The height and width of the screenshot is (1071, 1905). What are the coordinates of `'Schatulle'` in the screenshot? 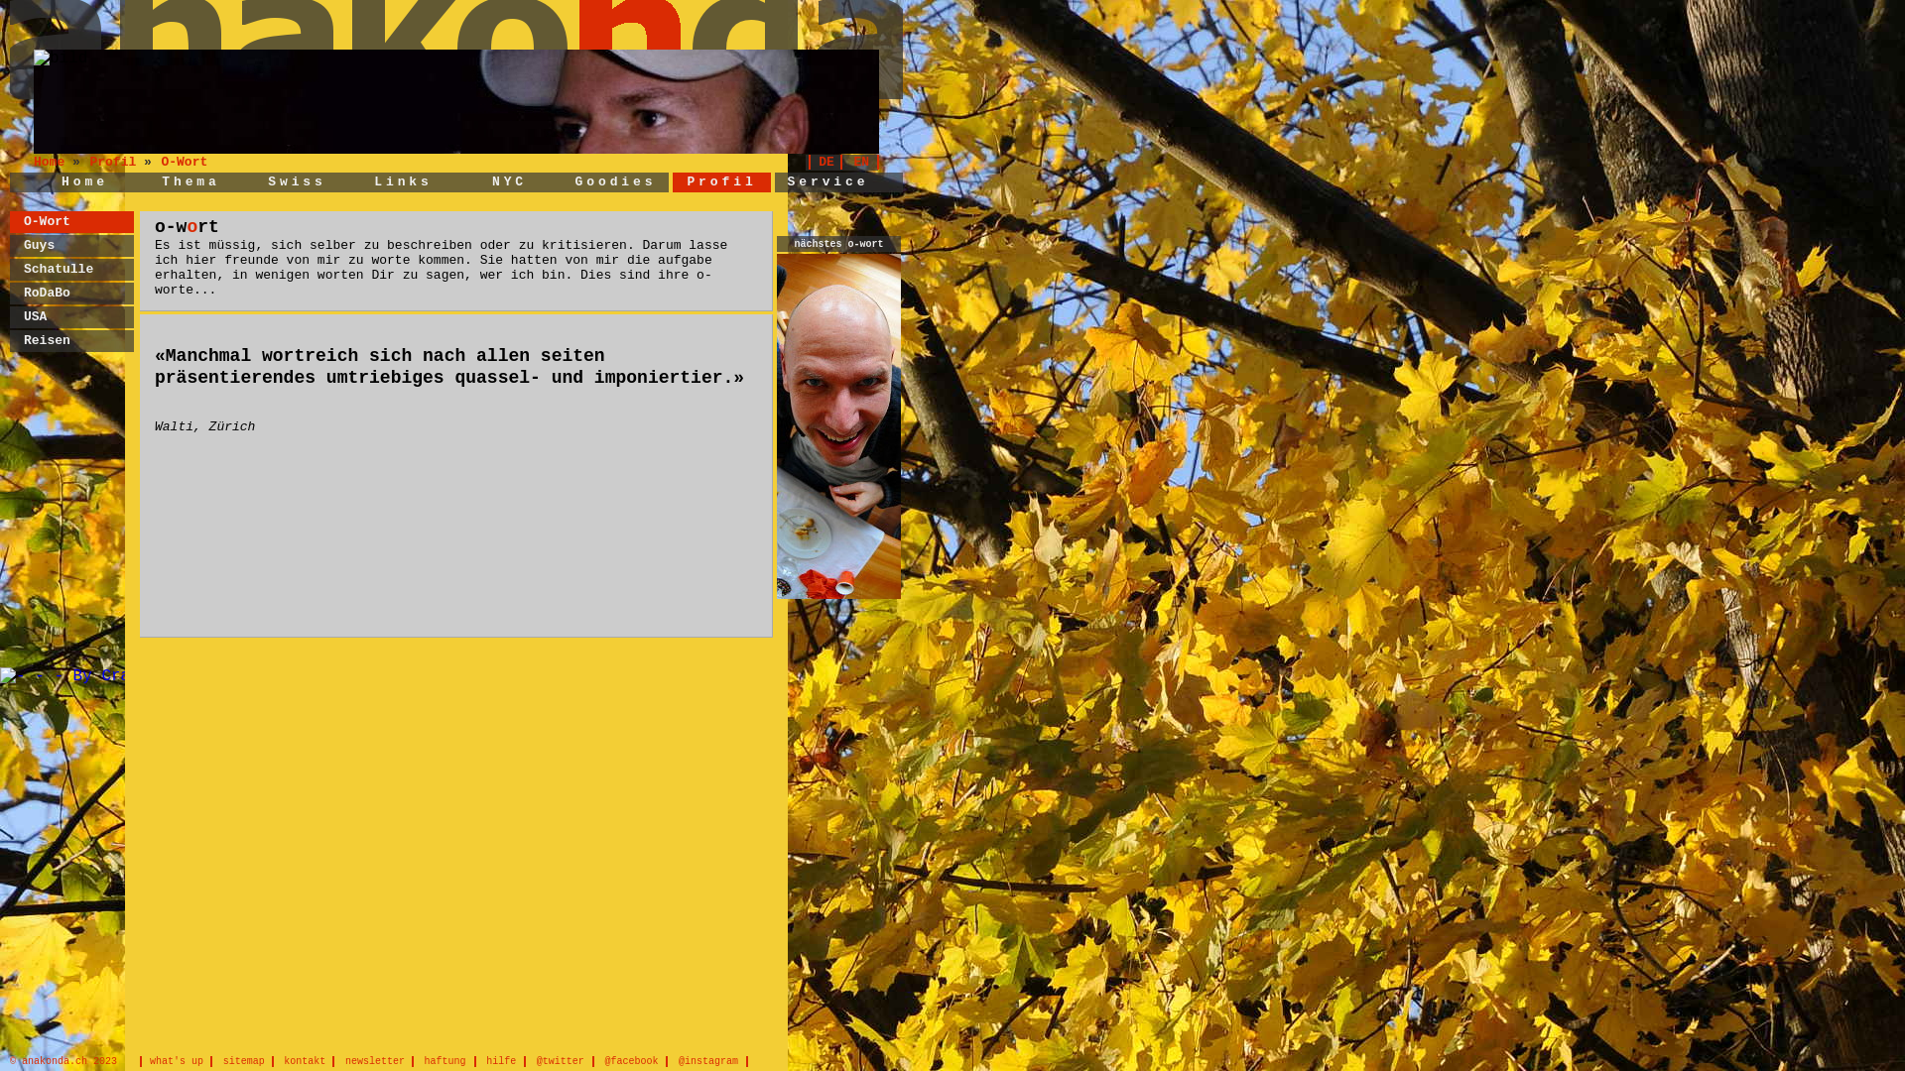 It's located at (58, 269).